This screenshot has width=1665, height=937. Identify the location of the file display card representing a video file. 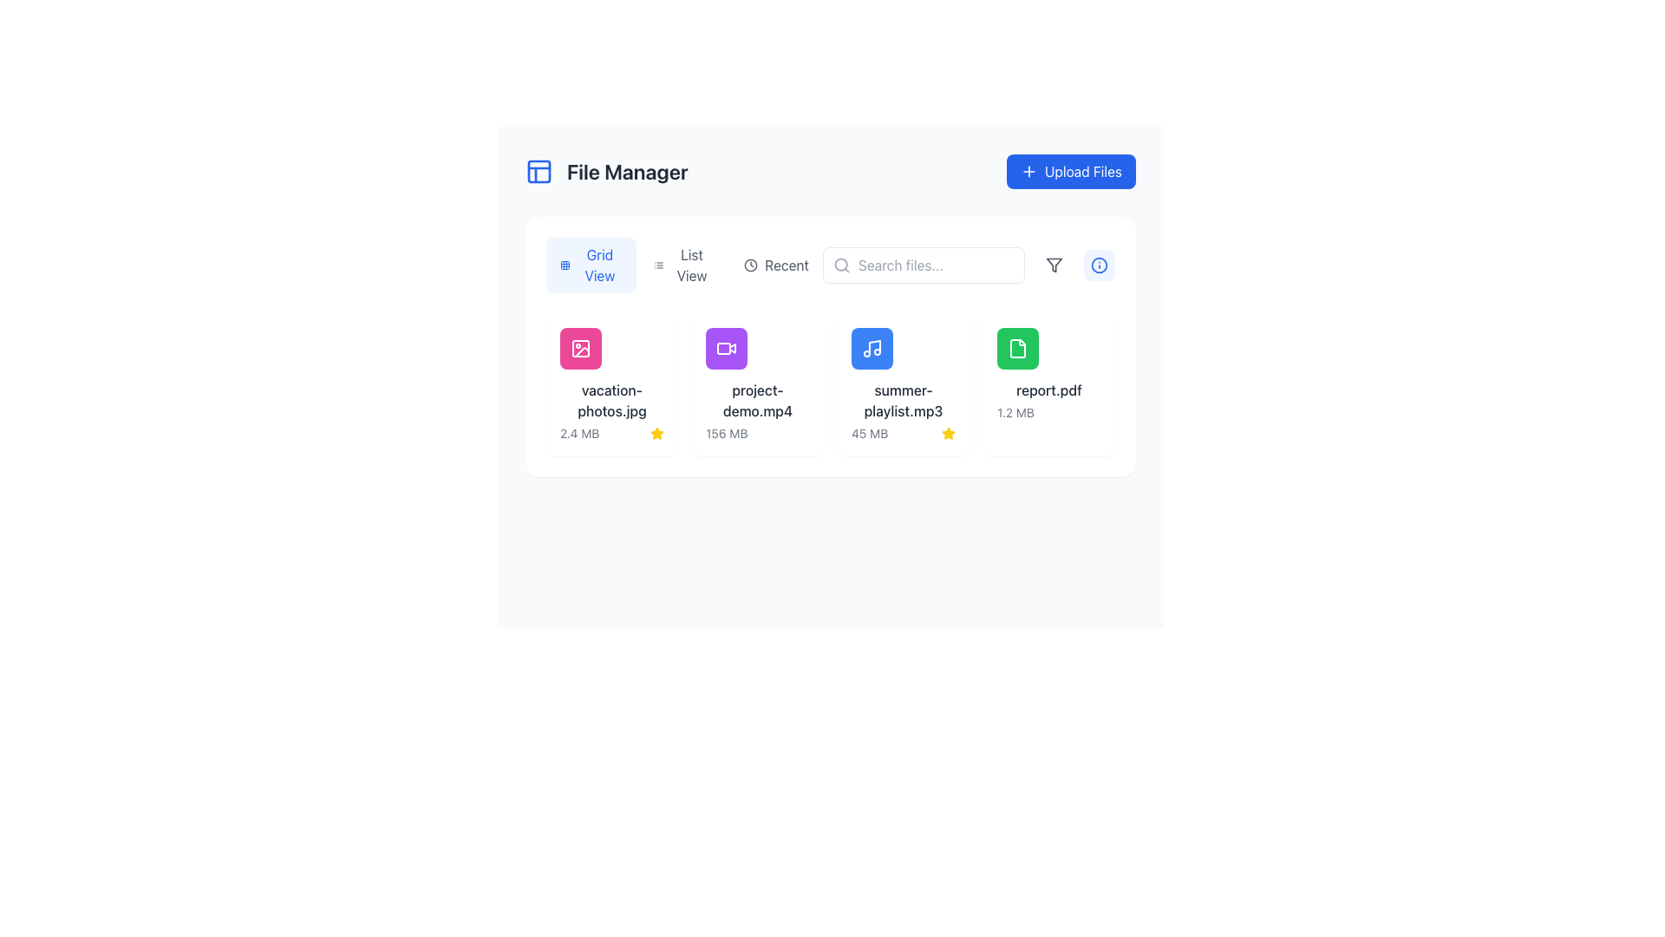
(757, 383).